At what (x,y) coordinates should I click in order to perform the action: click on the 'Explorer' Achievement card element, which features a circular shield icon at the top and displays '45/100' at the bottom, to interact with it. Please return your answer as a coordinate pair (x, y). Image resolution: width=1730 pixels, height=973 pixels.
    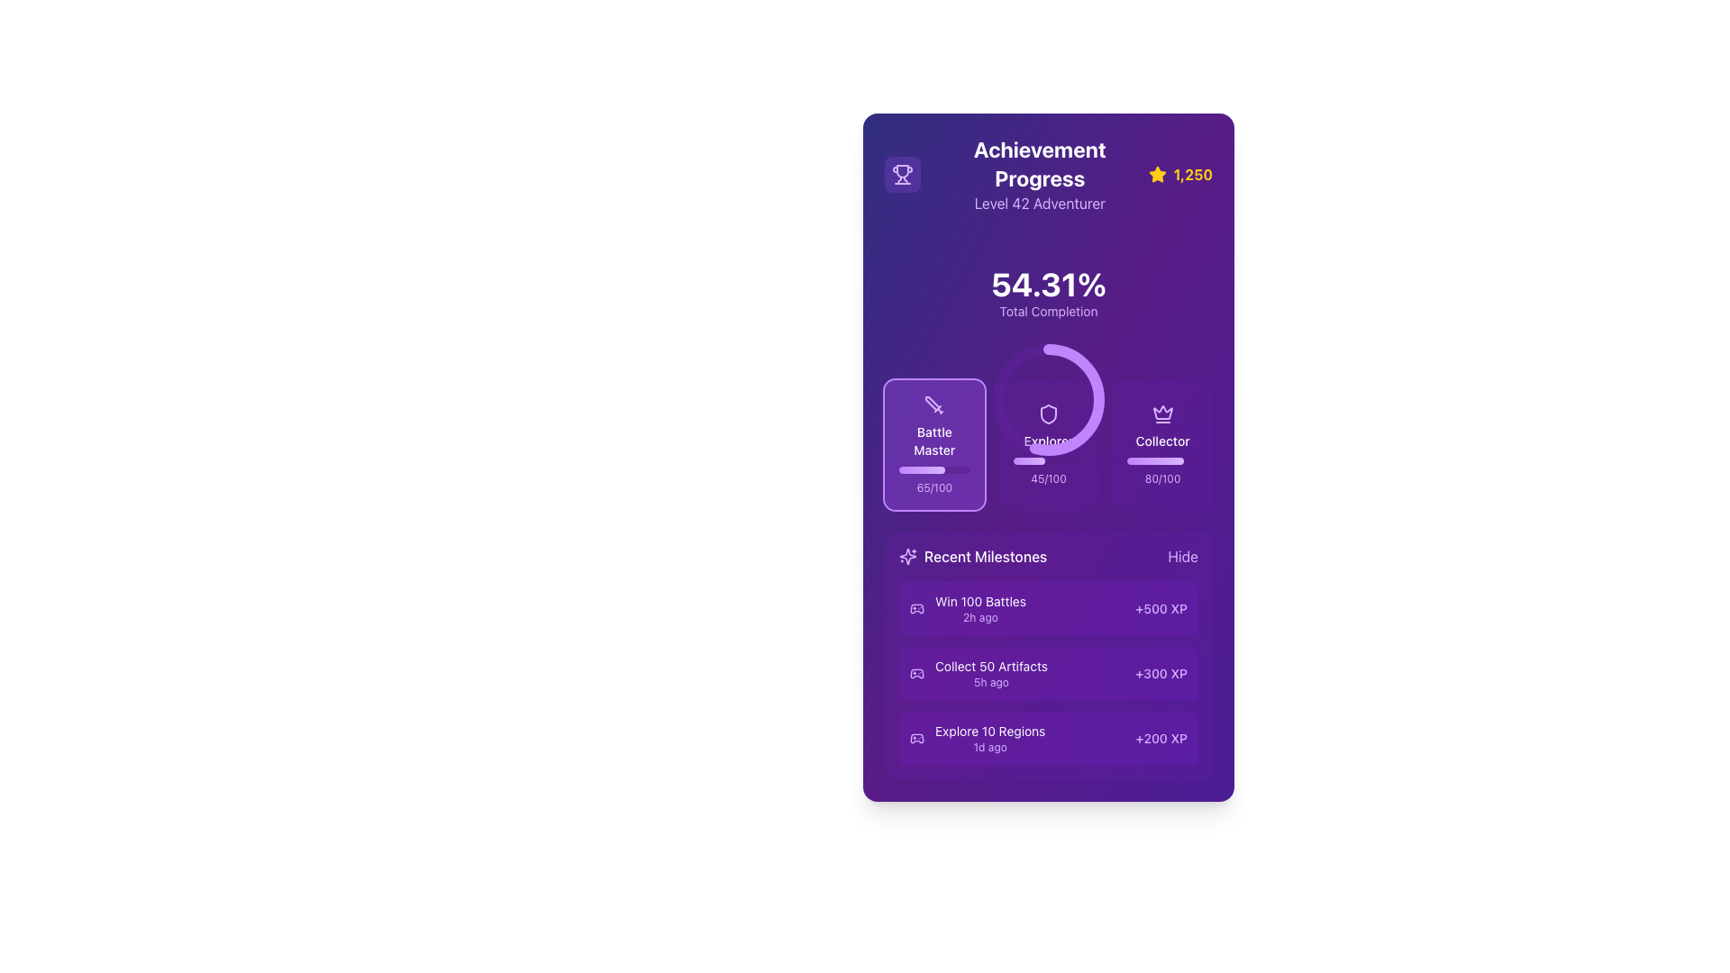
    Looking at the image, I should click on (1048, 444).